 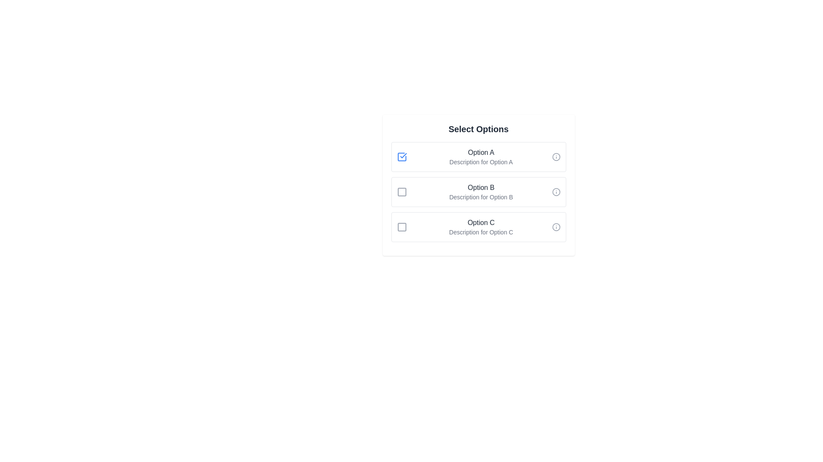 What do you see at coordinates (556, 157) in the screenshot?
I see `the information icon for Option A to read its description` at bounding box center [556, 157].